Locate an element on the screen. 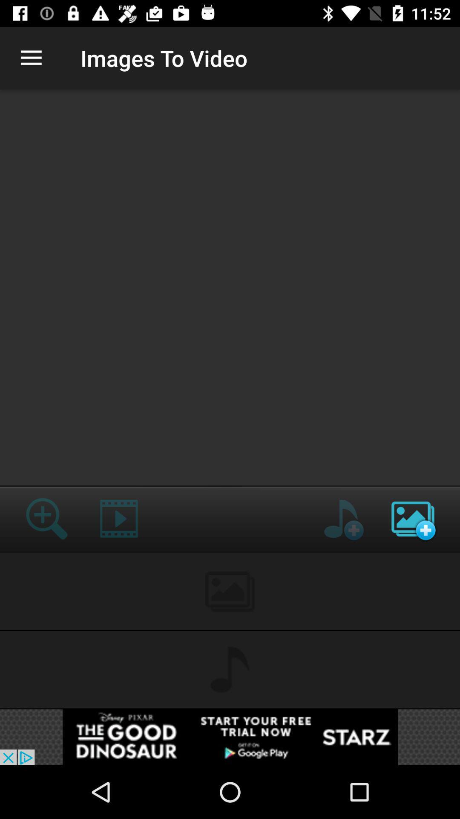 The height and width of the screenshot is (819, 460). the music icon is located at coordinates (340, 518).